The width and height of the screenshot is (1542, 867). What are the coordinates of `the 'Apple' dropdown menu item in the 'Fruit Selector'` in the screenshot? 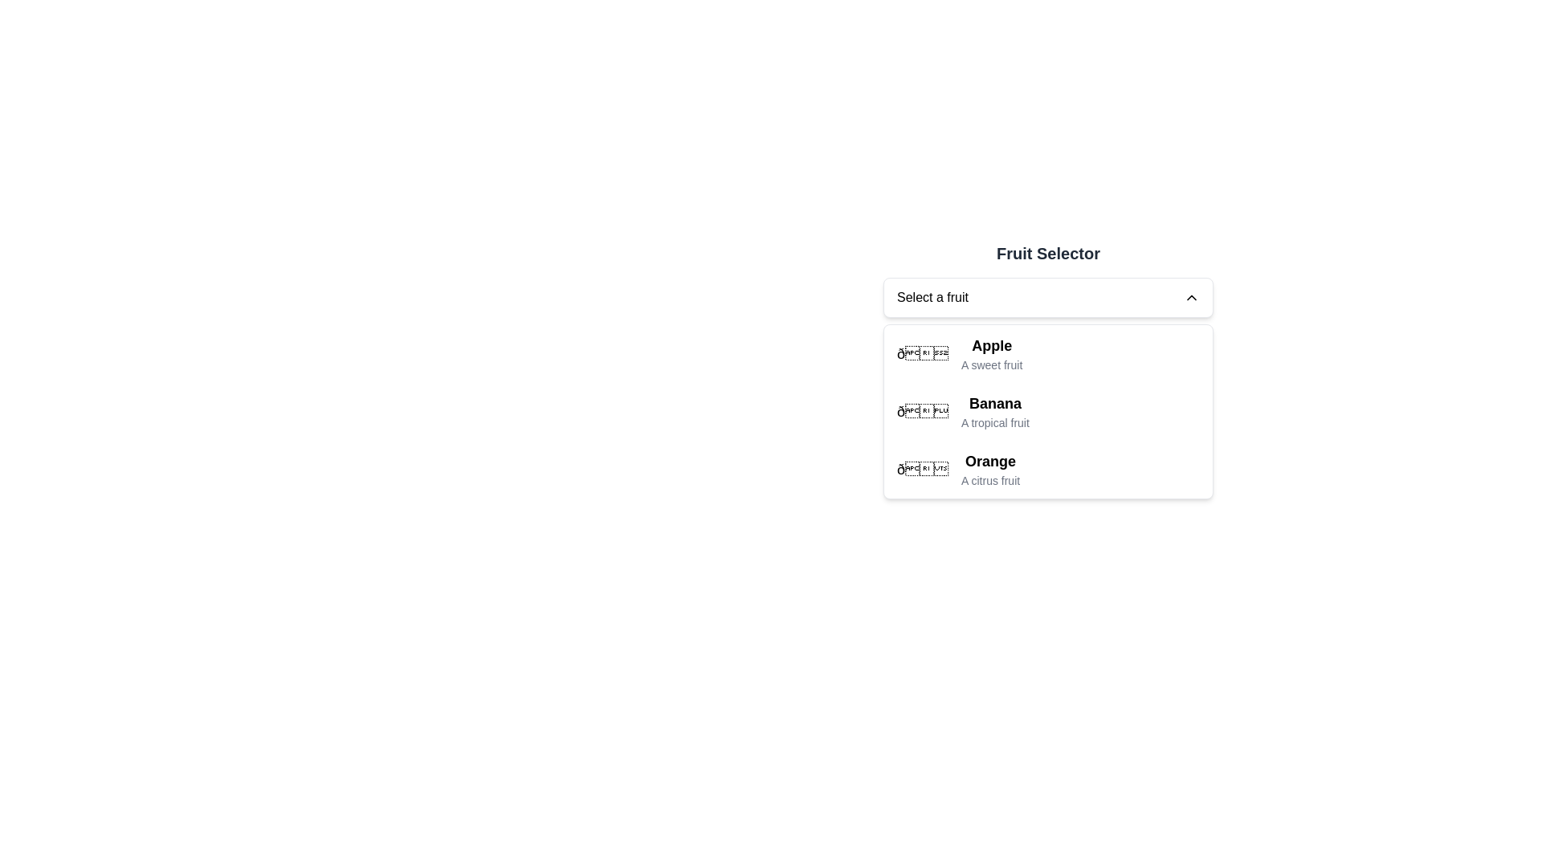 It's located at (991, 352).